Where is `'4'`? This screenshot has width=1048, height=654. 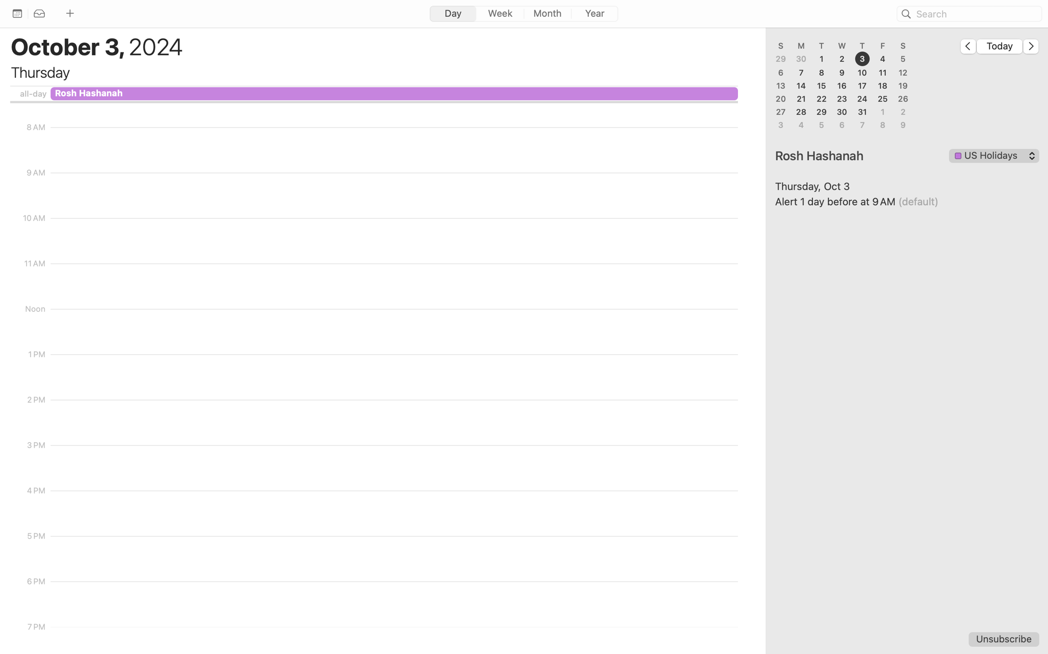 '4' is located at coordinates (883, 58).